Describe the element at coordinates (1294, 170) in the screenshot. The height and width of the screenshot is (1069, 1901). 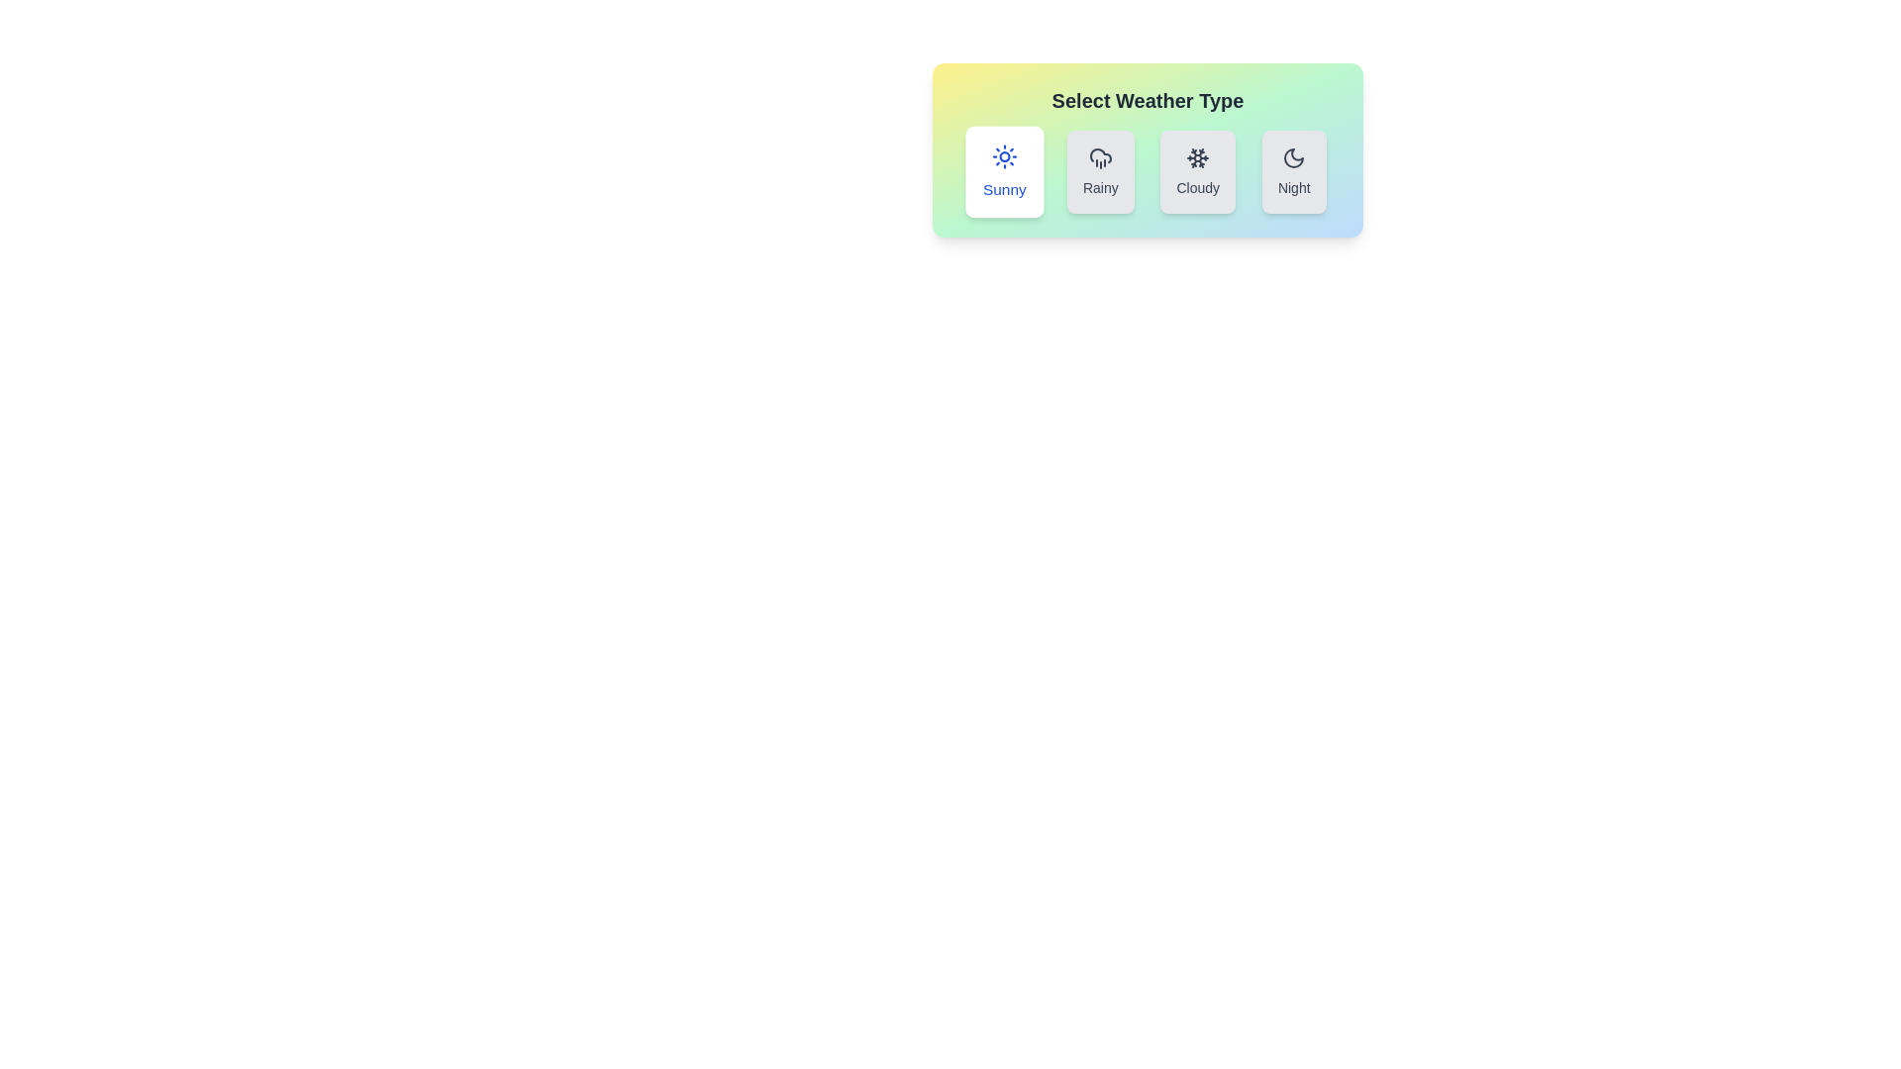
I see `the button corresponding to Night` at that location.